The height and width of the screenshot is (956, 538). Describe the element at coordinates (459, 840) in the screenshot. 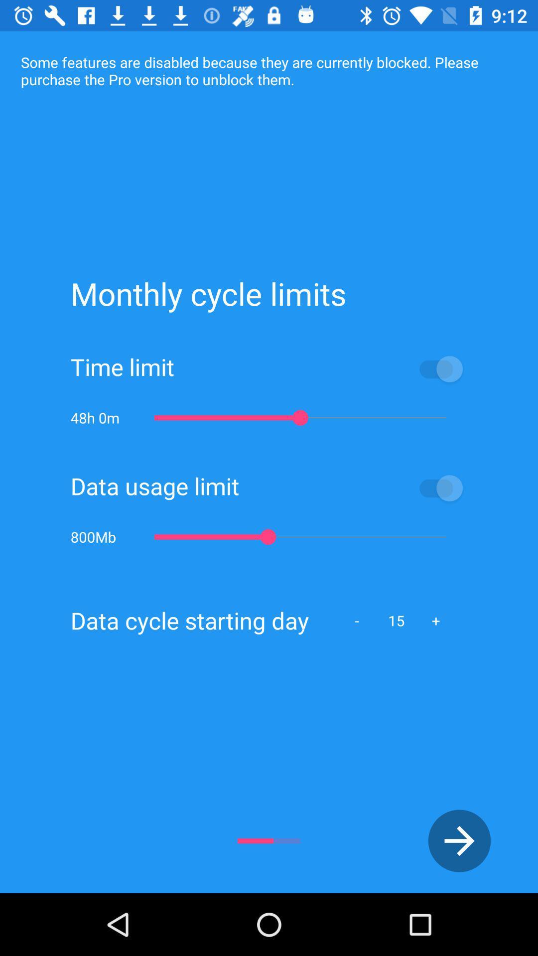

I see `go next` at that location.